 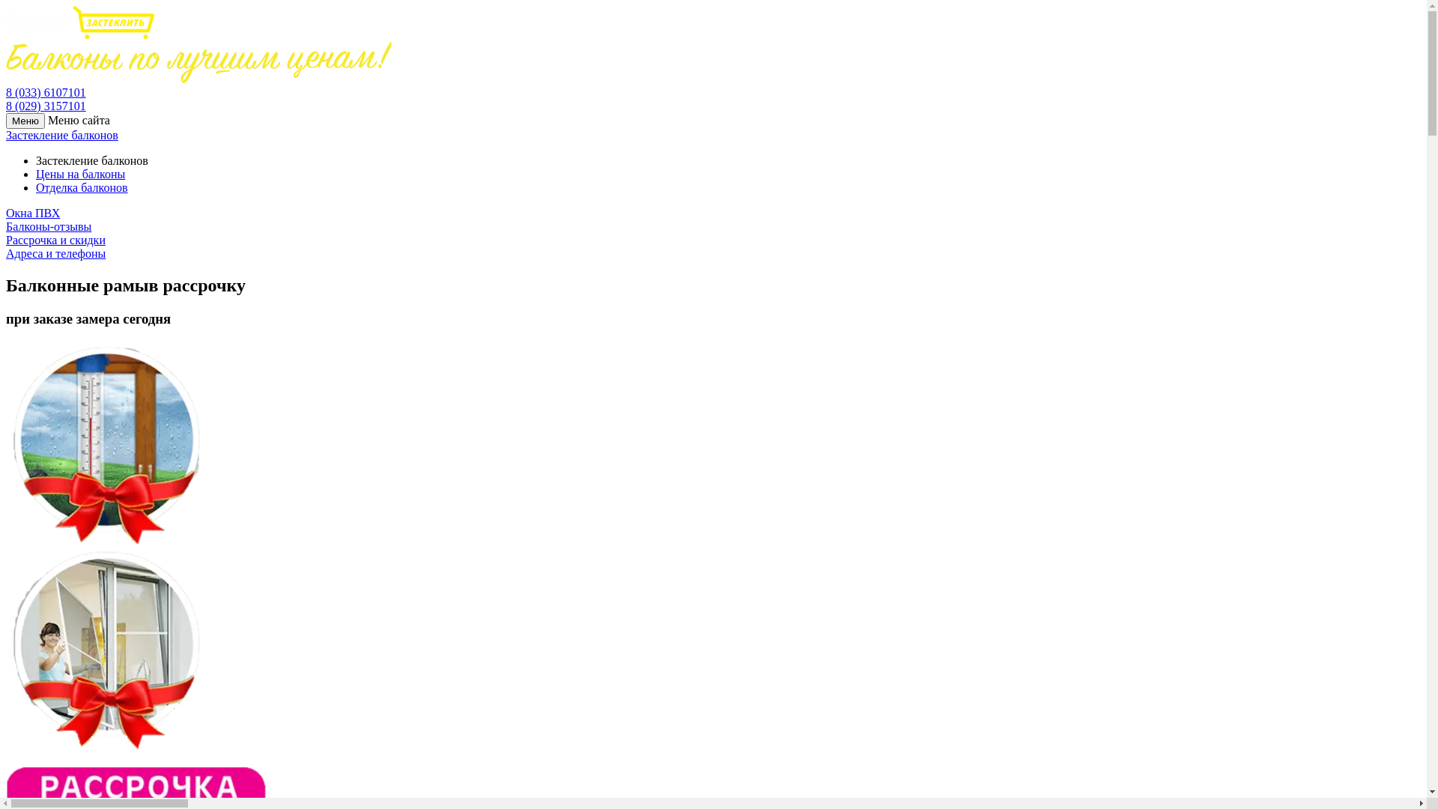 What do you see at coordinates (46, 105) in the screenshot?
I see `'8 (029) 3157101'` at bounding box center [46, 105].